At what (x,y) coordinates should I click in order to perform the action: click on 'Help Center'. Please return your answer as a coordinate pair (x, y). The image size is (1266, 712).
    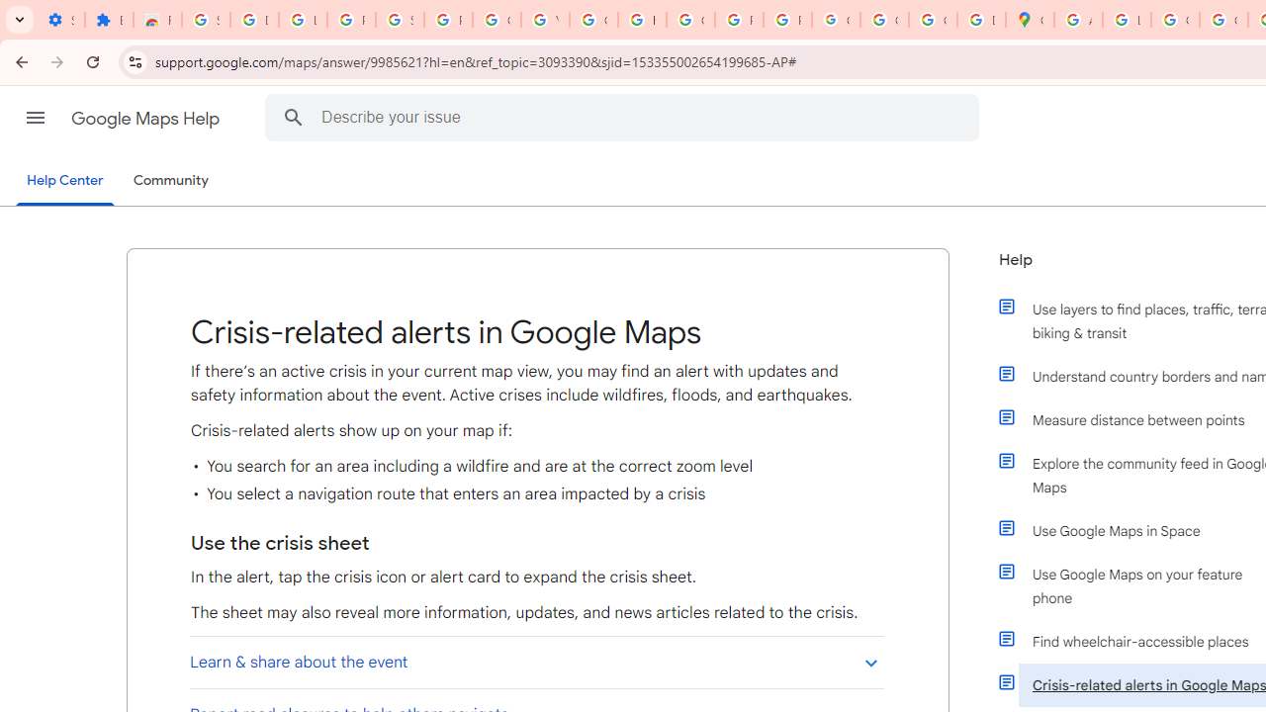
    Looking at the image, I should click on (64, 181).